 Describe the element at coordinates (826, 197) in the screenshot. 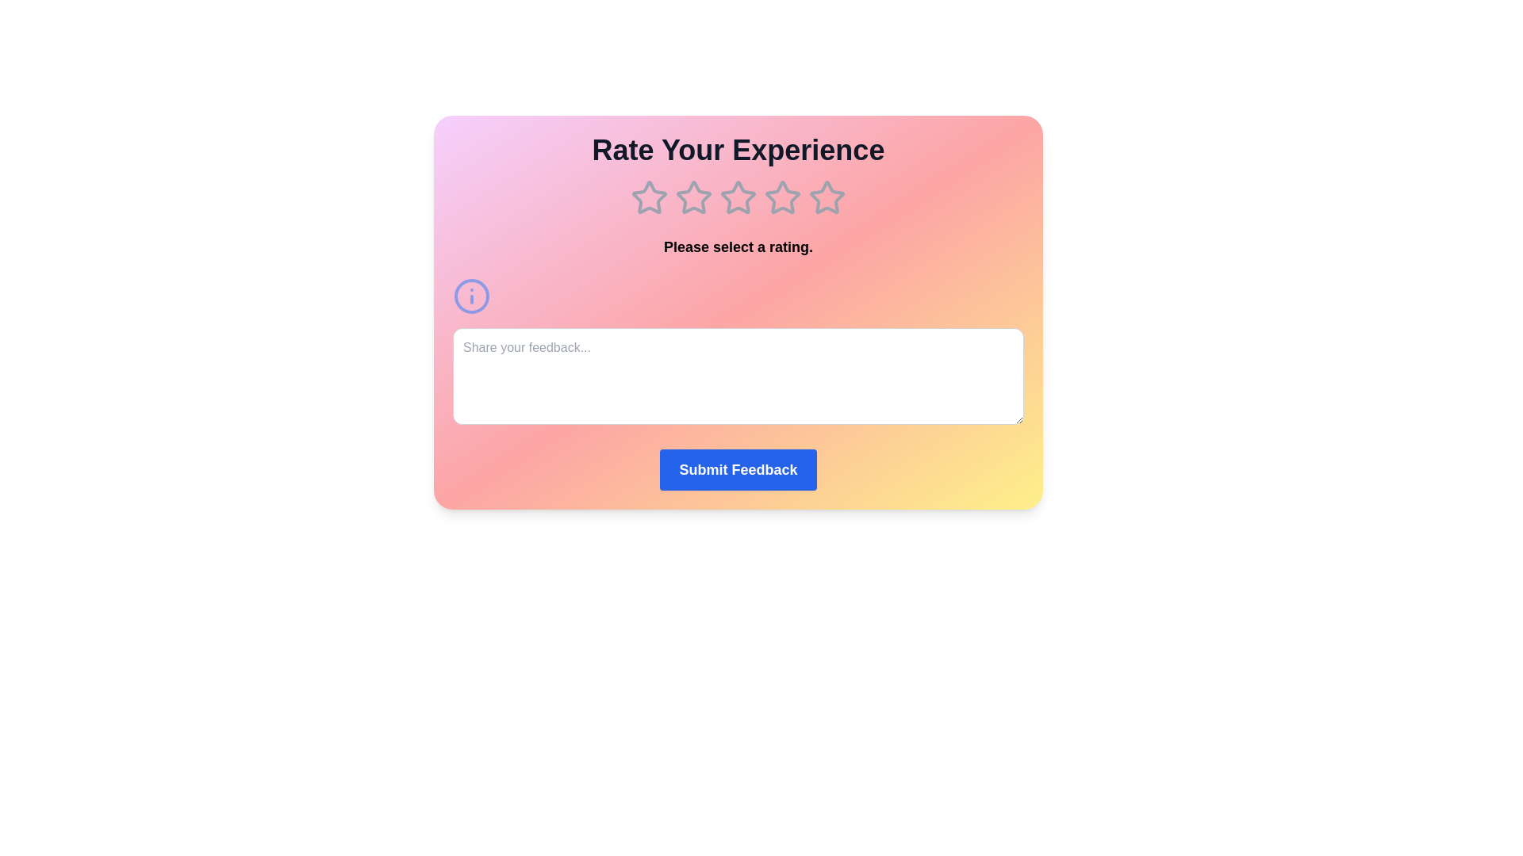

I see `the star corresponding to 5 to preview the rating` at that location.